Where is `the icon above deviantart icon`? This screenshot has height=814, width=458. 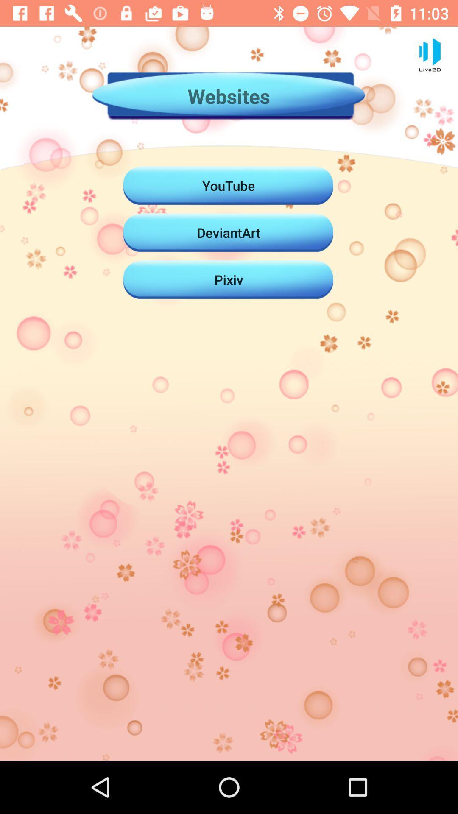
the icon above deviantart icon is located at coordinates (228, 185).